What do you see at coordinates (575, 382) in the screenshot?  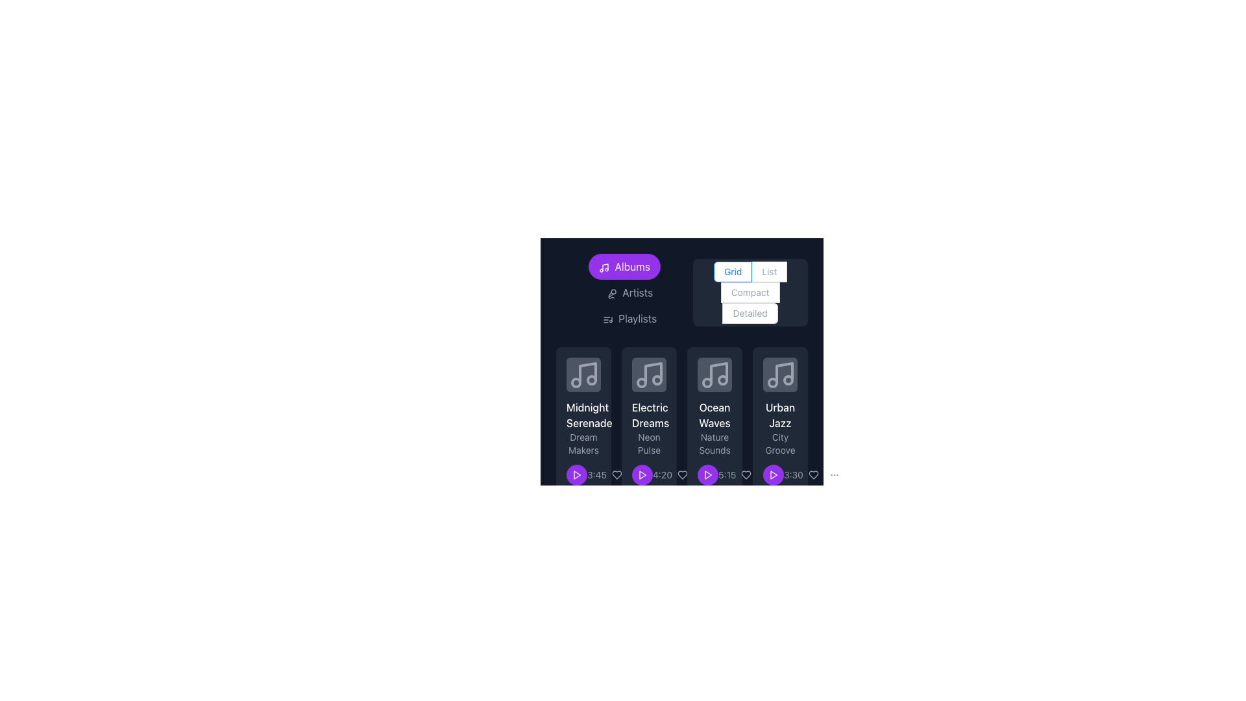 I see `the leftmost circular icon in the SVG musical note icon on the 'Midnight Serenade' album card` at bounding box center [575, 382].